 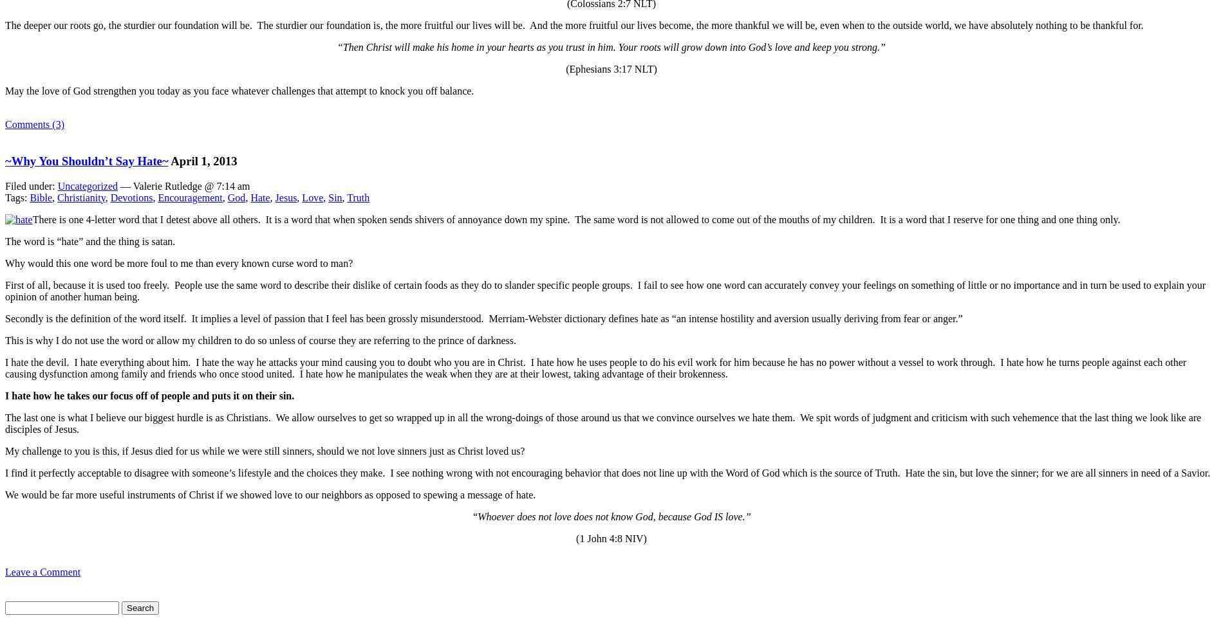 What do you see at coordinates (610, 516) in the screenshot?
I see `'“Whoever does not love does not know God, because God IS love.”'` at bounding box center [610, 516].